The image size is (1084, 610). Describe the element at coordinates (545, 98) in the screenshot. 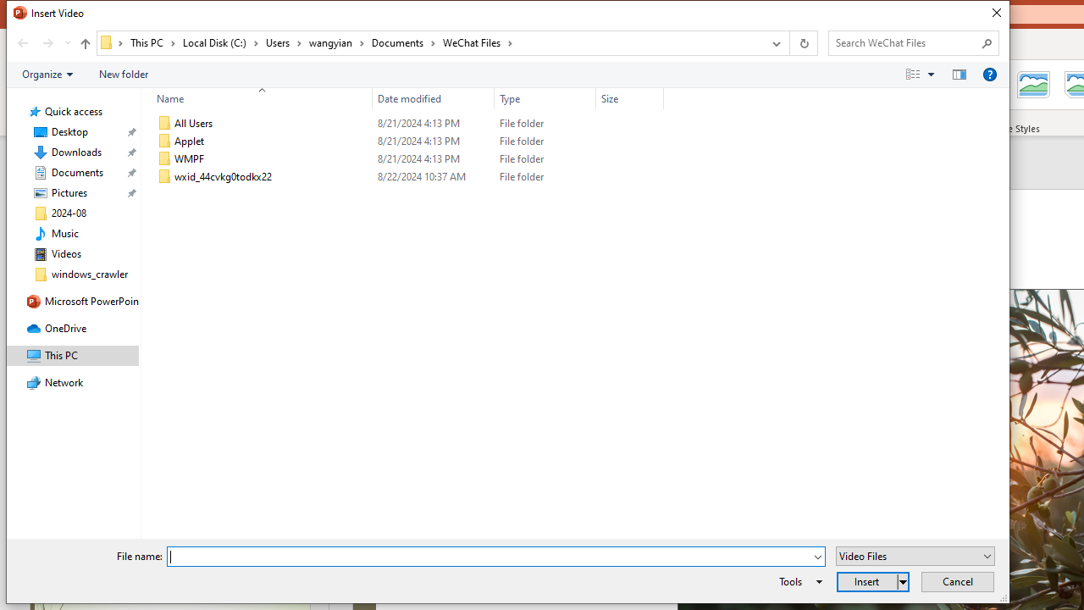

I see `'Type'` at that location.